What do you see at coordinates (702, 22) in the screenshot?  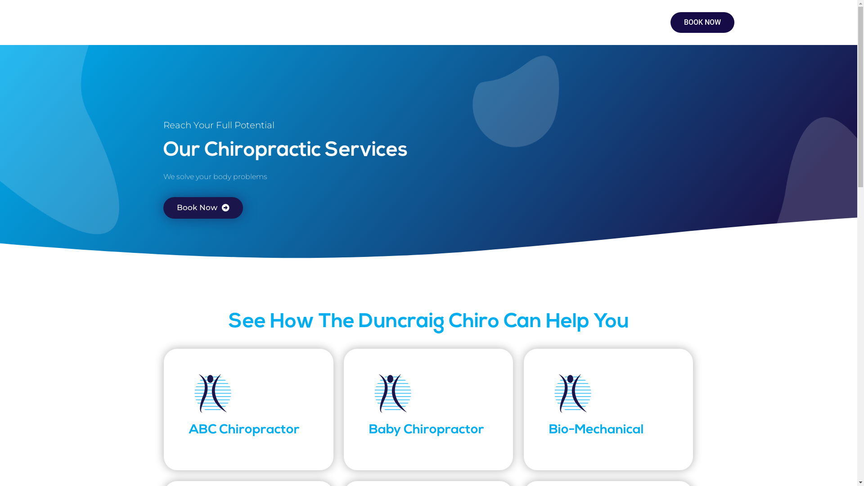 I see `'BOOK NOW'` at bounding box center [702, 22].